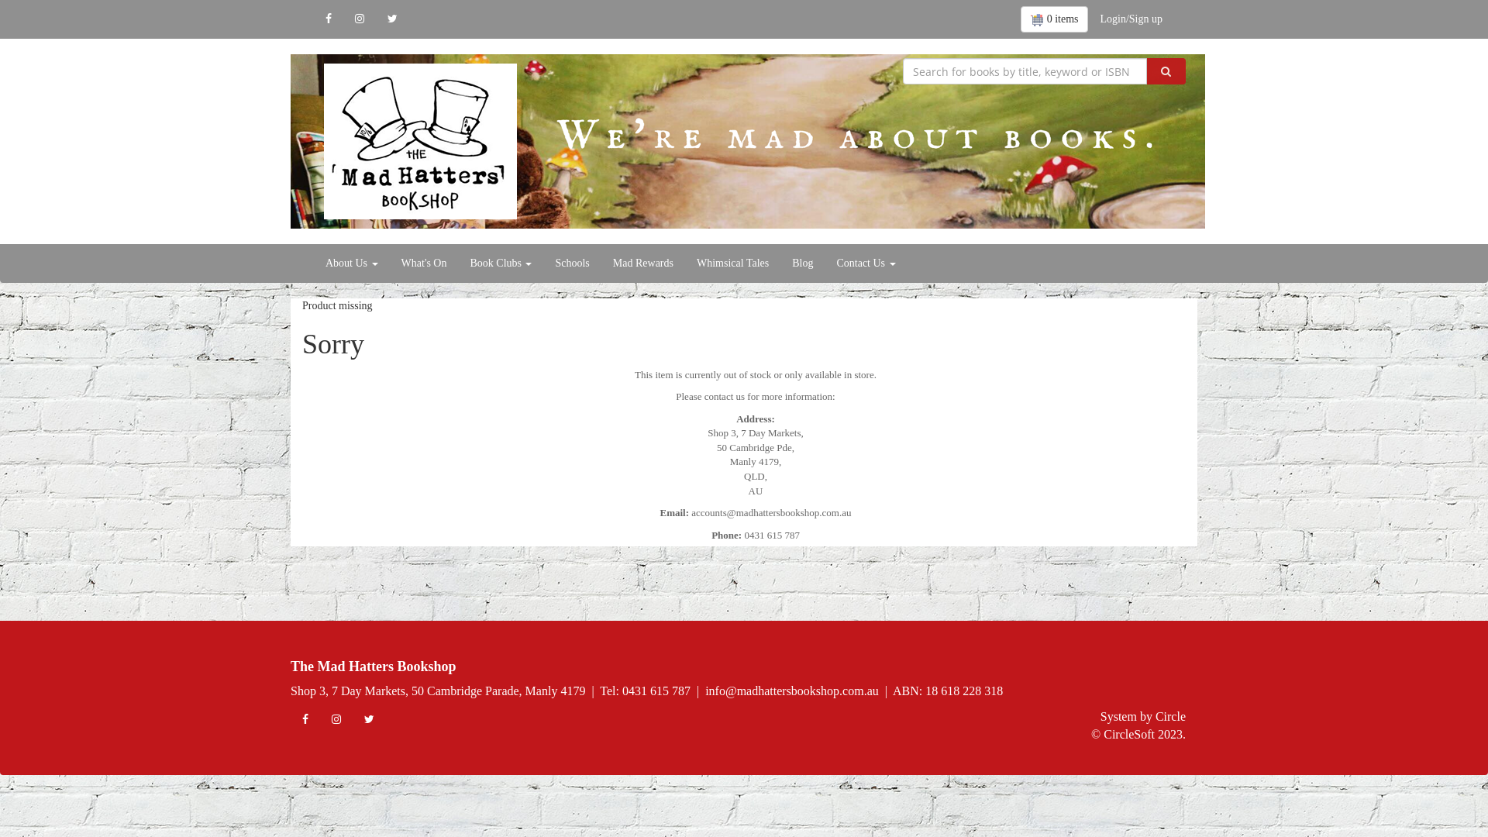 The width and height of the screenshot is (1488, 837). Describe the element at coordinates (1100, 717) in the screenshot. I see `'System by Circle'` at that location.